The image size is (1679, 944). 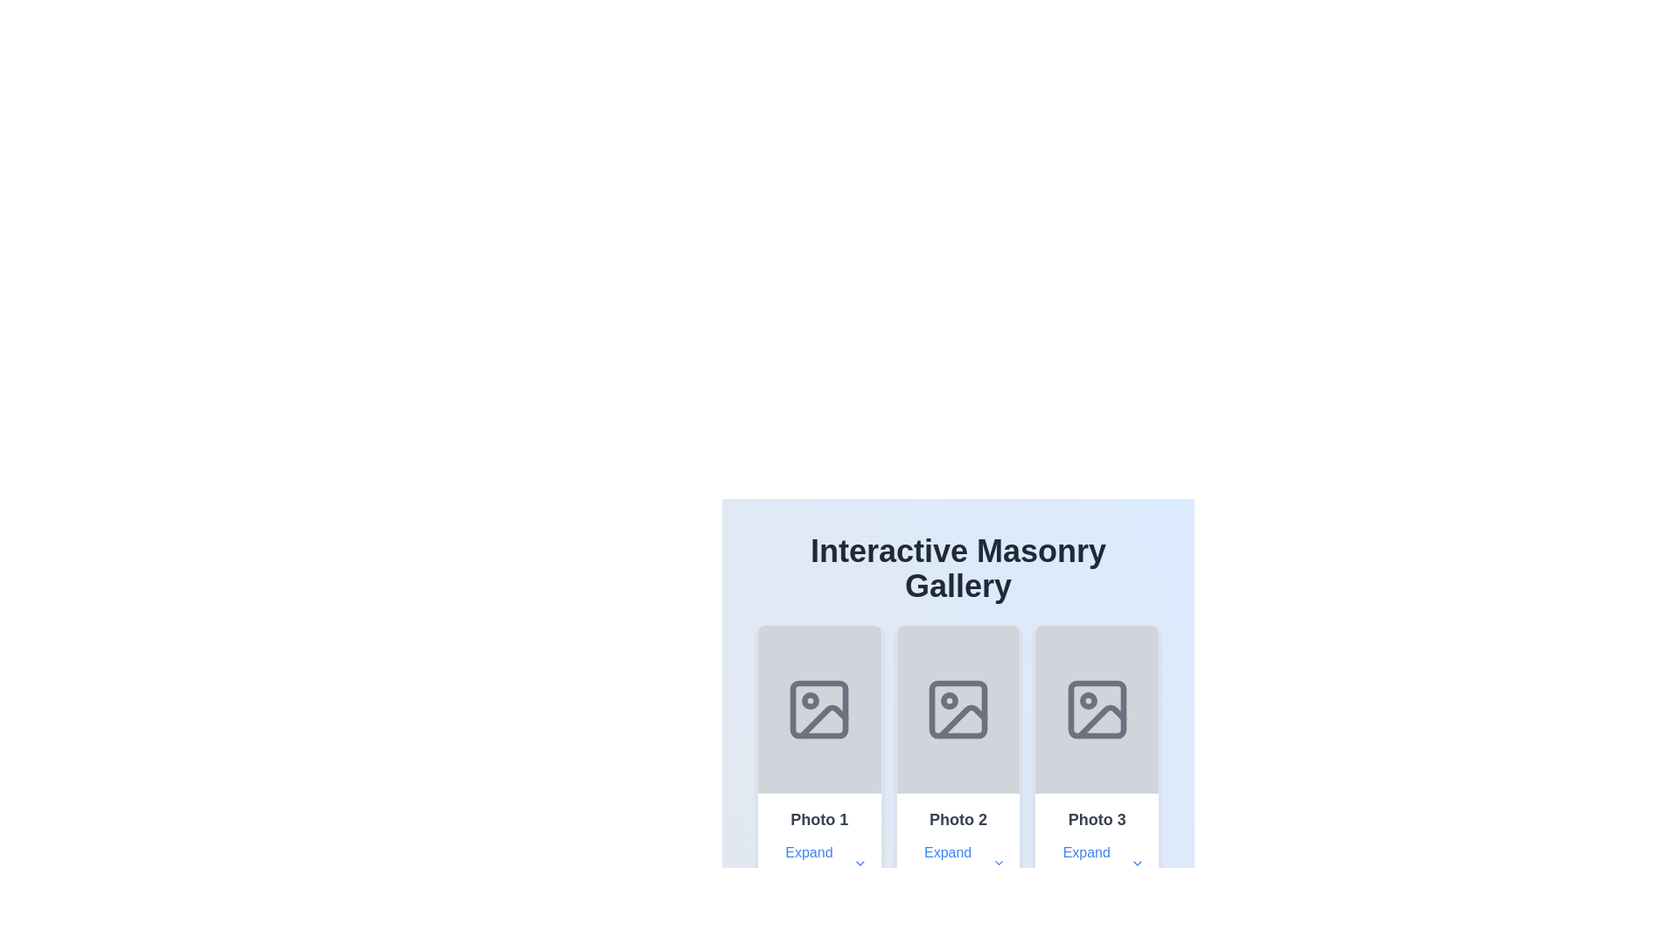 What do you see at coordinates (819, 845) in the screenshot?
I see `the interactive link 'Expand Details' located below the title 'Photo 1' in the first card from the left, which is positioned under the image placeholder` at bounding box center [819, 845].